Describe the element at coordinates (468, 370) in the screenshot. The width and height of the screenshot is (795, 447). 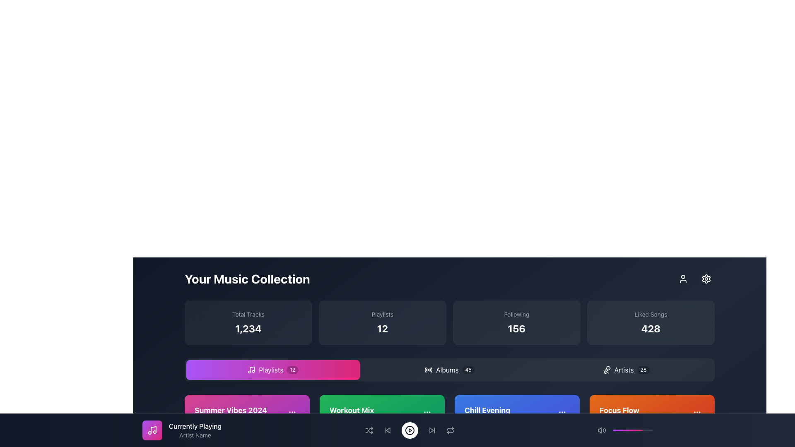
I see `the badge component displaying the number '45', which is located in the 'Albums' section, to the right of the 'Albums' text label` at that location.